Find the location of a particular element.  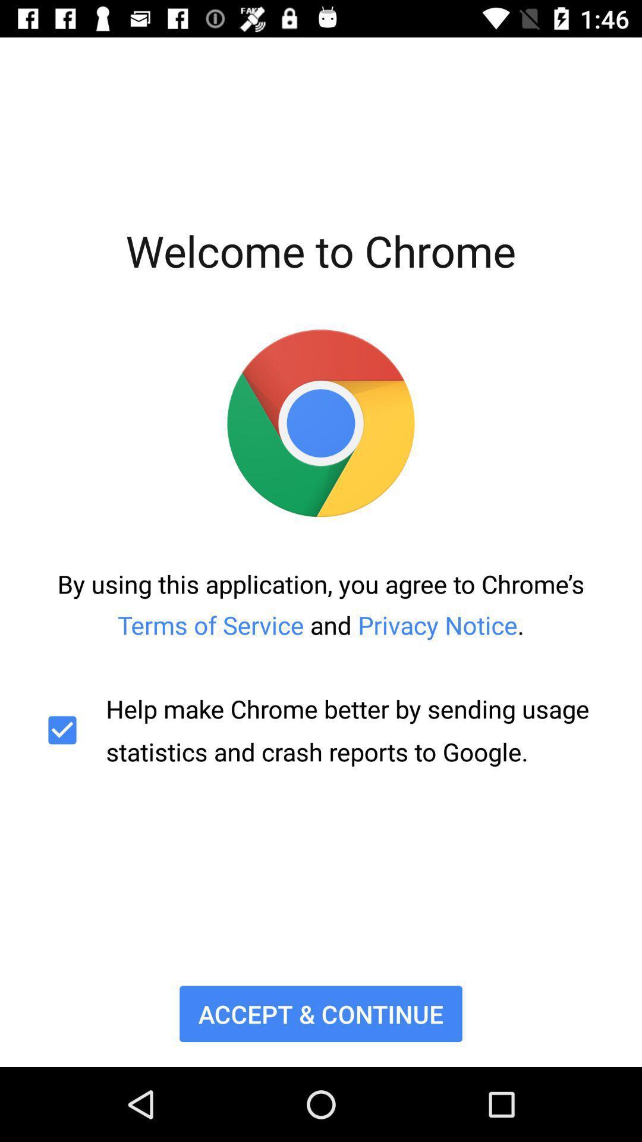

the by using this item is located at coordinates (321, 604).